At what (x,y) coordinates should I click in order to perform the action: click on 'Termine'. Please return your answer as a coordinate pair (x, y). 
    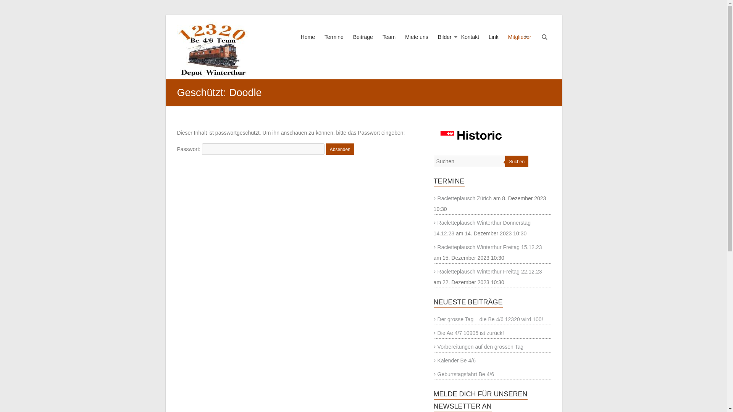
    Looking at the image, I should click on (334, 44).